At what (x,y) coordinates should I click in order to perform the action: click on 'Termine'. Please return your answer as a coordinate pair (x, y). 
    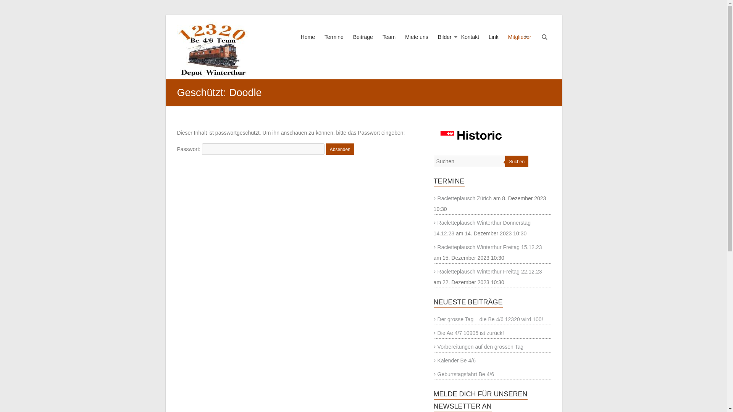
    Looking at the image, I should click on (334, 44).